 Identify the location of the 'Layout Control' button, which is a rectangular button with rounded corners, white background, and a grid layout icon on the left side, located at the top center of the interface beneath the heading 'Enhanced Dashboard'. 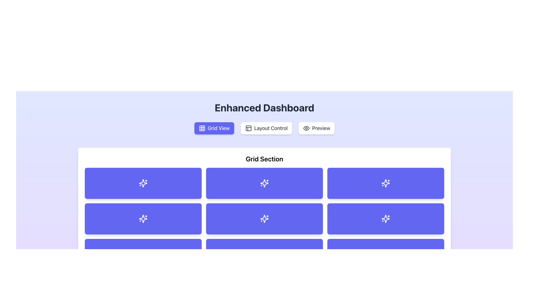
(266, 128).